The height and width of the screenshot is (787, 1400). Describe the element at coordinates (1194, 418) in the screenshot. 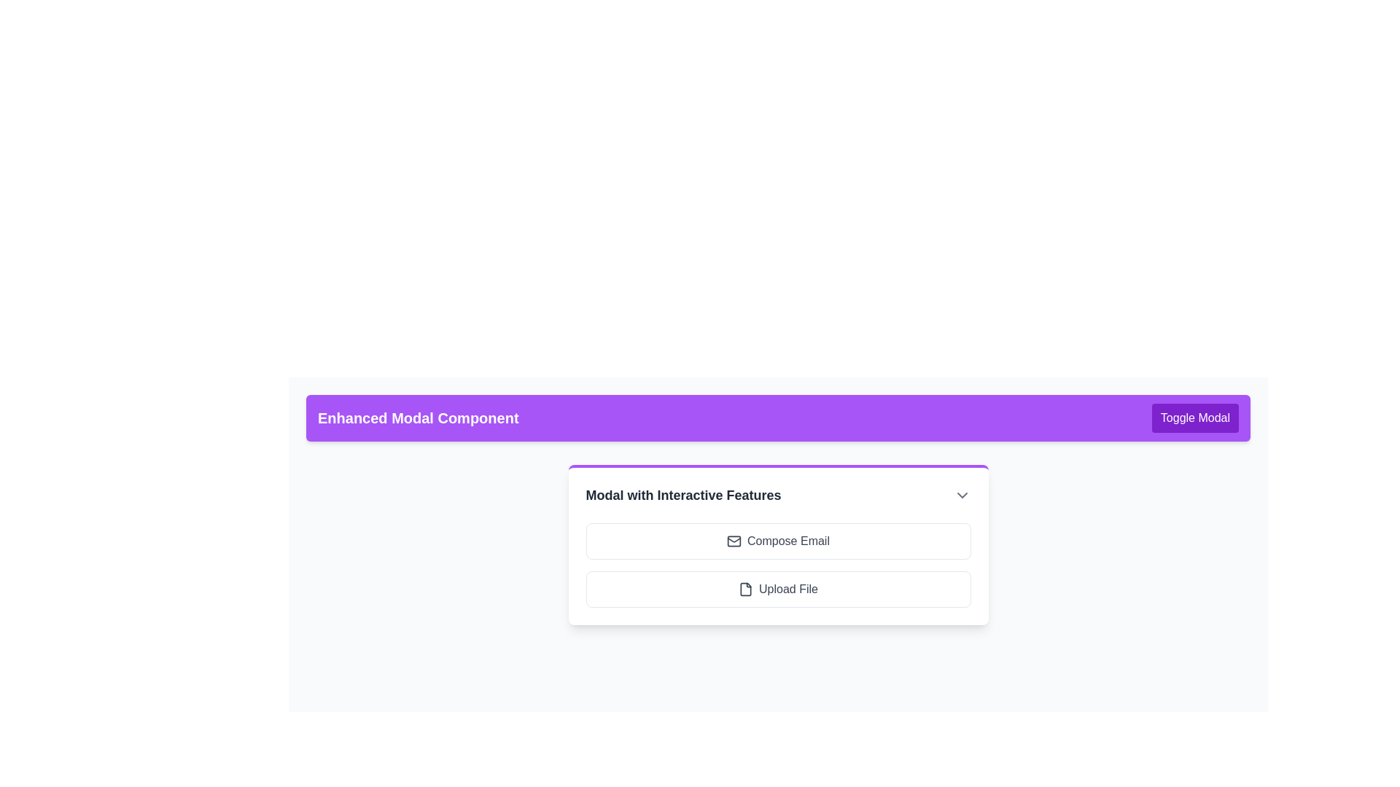

I see `the button on the right-hand side of the header section labeled 'Enhanced Modal Component'` at that location.